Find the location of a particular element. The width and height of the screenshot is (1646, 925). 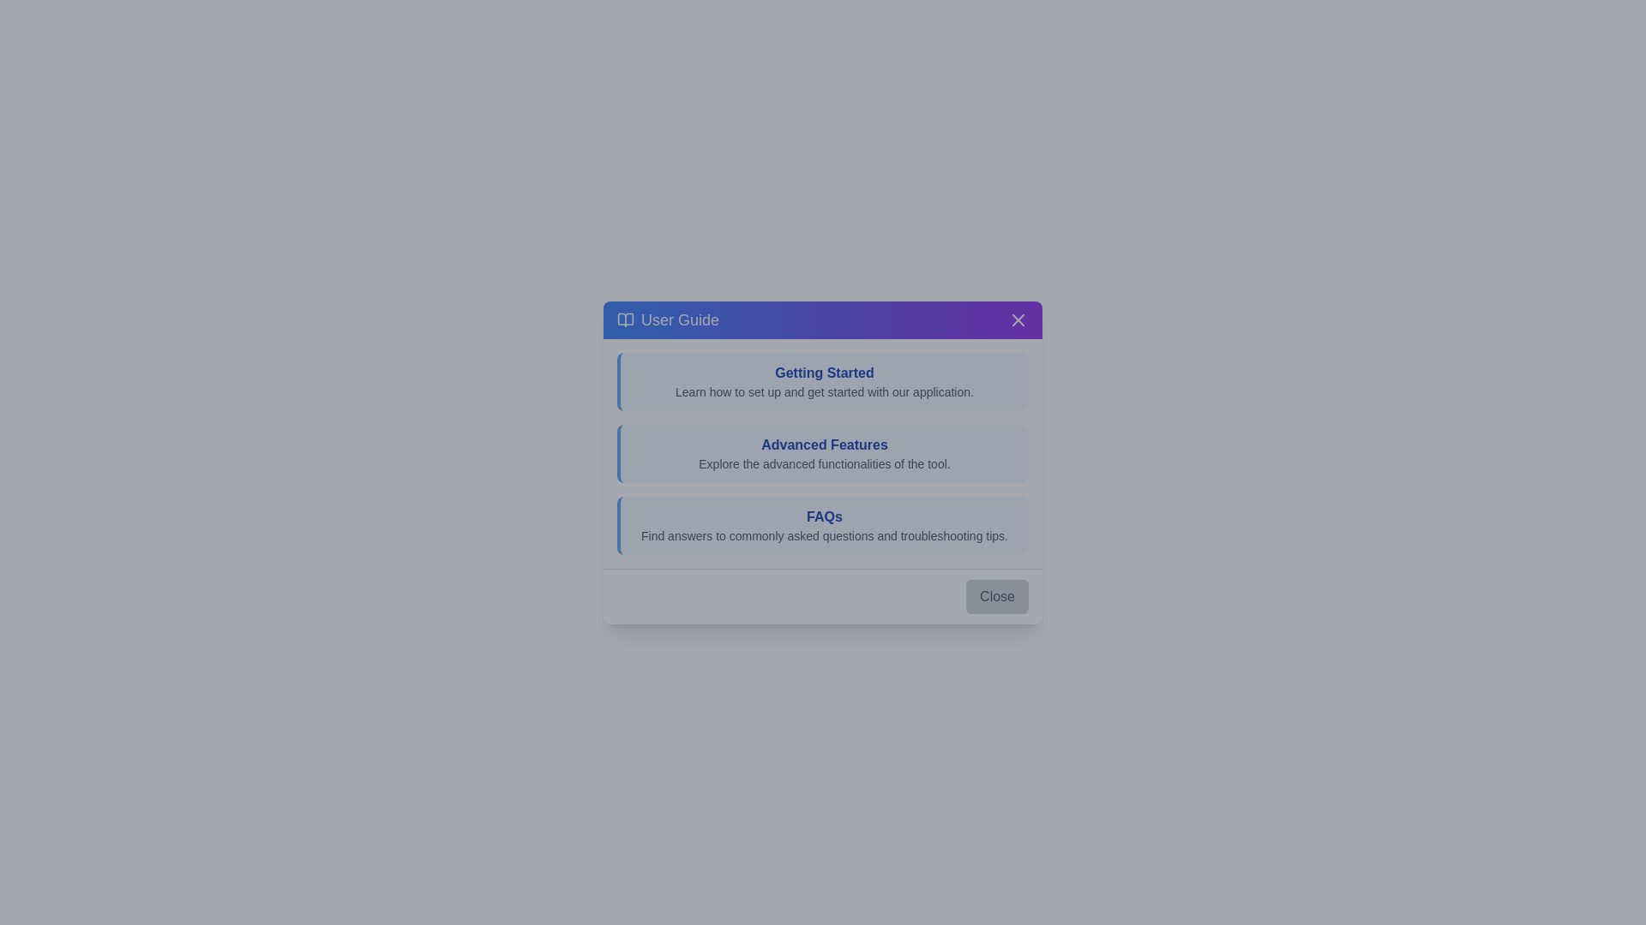

the bold, blue-colored text displaying 'Getting Started' located centrally within the top section of the 'User Guide' dialog box is located at coordinates (824, 372).